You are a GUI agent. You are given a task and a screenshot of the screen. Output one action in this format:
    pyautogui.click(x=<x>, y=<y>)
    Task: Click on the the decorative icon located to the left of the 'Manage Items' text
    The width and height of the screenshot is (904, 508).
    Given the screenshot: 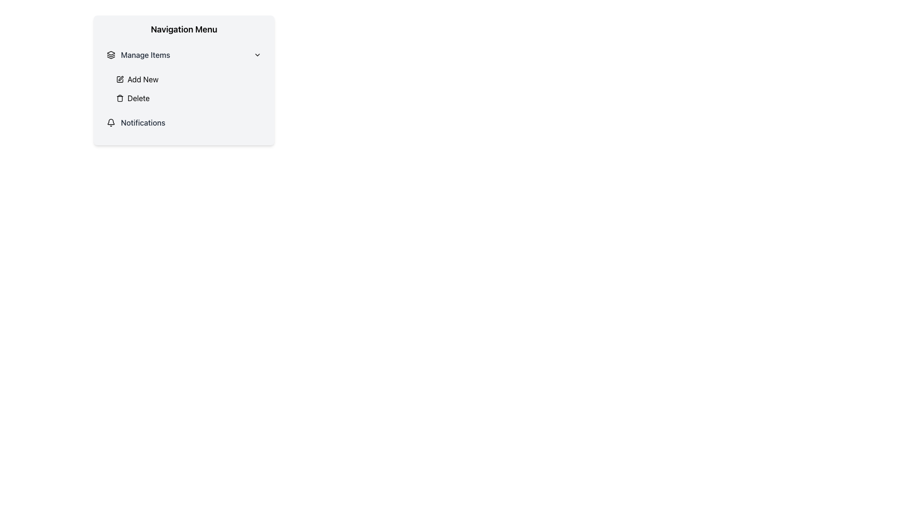 What is the action you would take?
    pyautogui.click(x=111, y=55)
    